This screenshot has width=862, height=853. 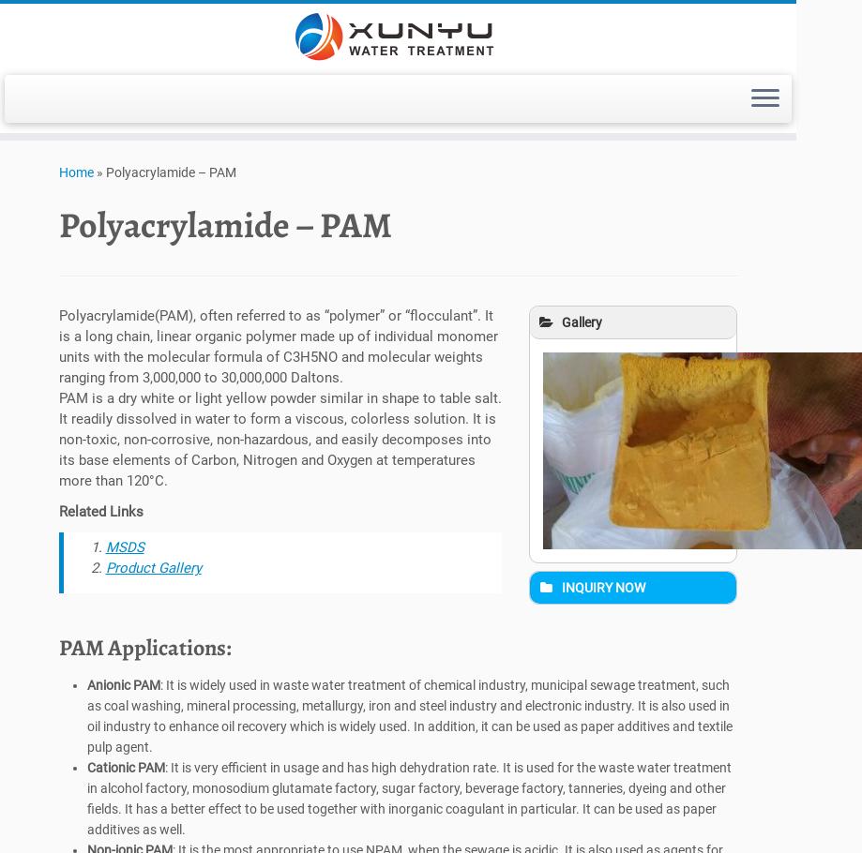 What do you see at coordinates (85, 772) in the screenshot?
I see `'Cationic PAM'` at bounding box center [85, 772].